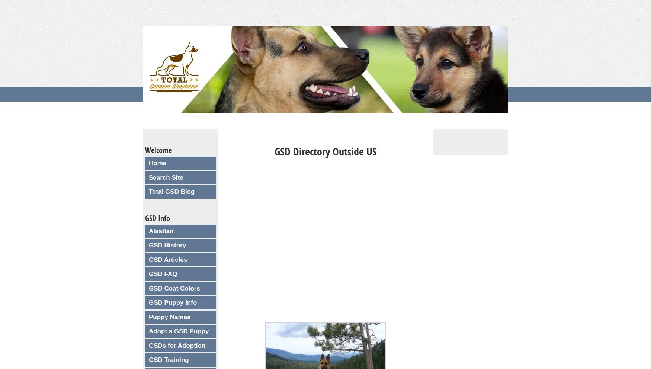 This screenshot has width=651, height=369. What do you see at coordinates (323, 196) in the screenshot?
I see `'Thanks for visiting this German Shepherd breeder directory.
You're on the page of our German Shepherd breeder directory currently
listing German Shepherd breeders outside the United States - all over
the US, Canada, Europe and many other countries.'` at bounding box center [323, 196].